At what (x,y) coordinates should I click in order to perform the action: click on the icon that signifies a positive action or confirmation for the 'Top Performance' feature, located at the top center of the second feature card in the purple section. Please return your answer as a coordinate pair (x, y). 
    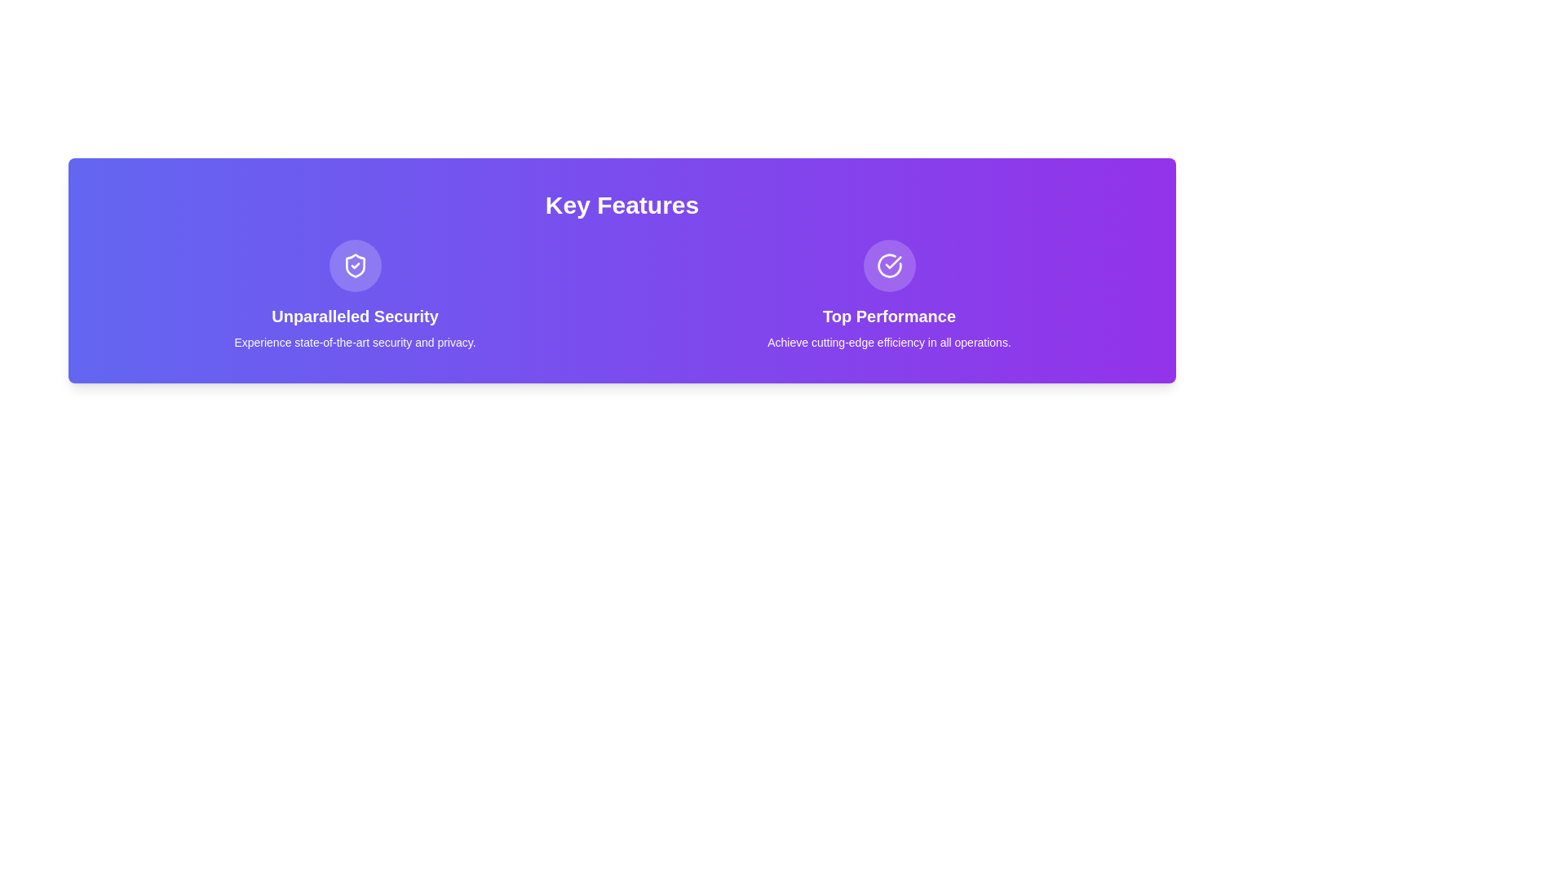
    Looking at the image, I should click on (888, 265).